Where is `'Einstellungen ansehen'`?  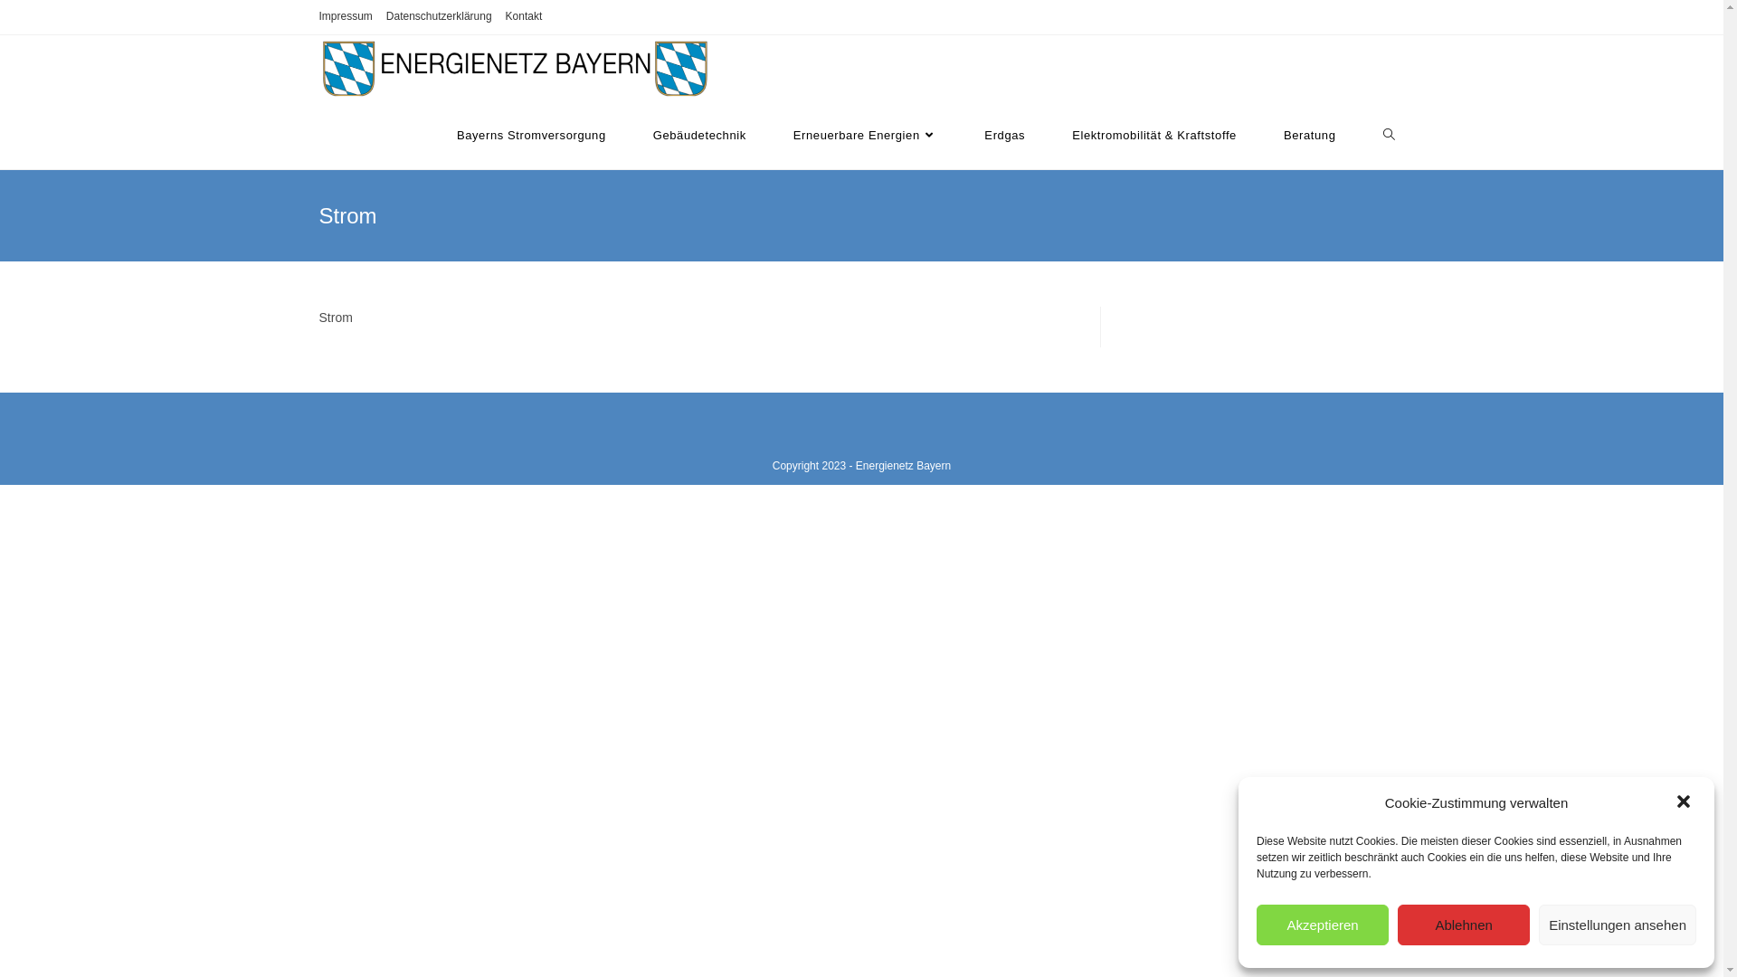 'Einstellungen ansehen' is located at coordinates (1618, 925).